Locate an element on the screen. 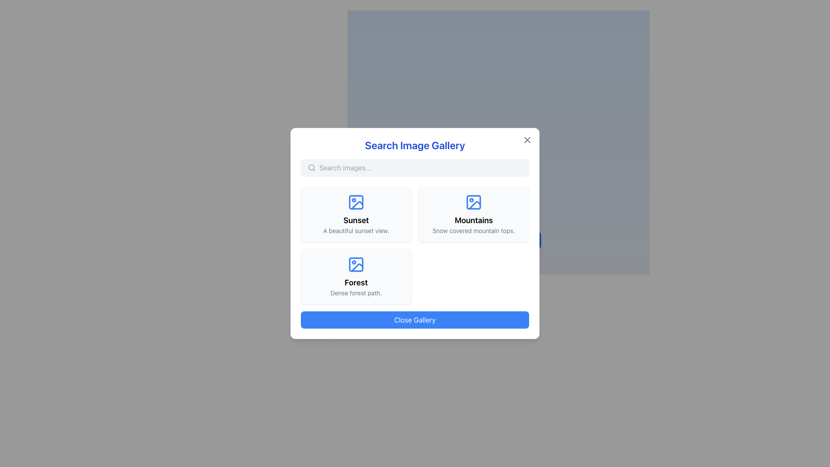  the text label displaying 'Forest' is located at coordinates (356, 283).